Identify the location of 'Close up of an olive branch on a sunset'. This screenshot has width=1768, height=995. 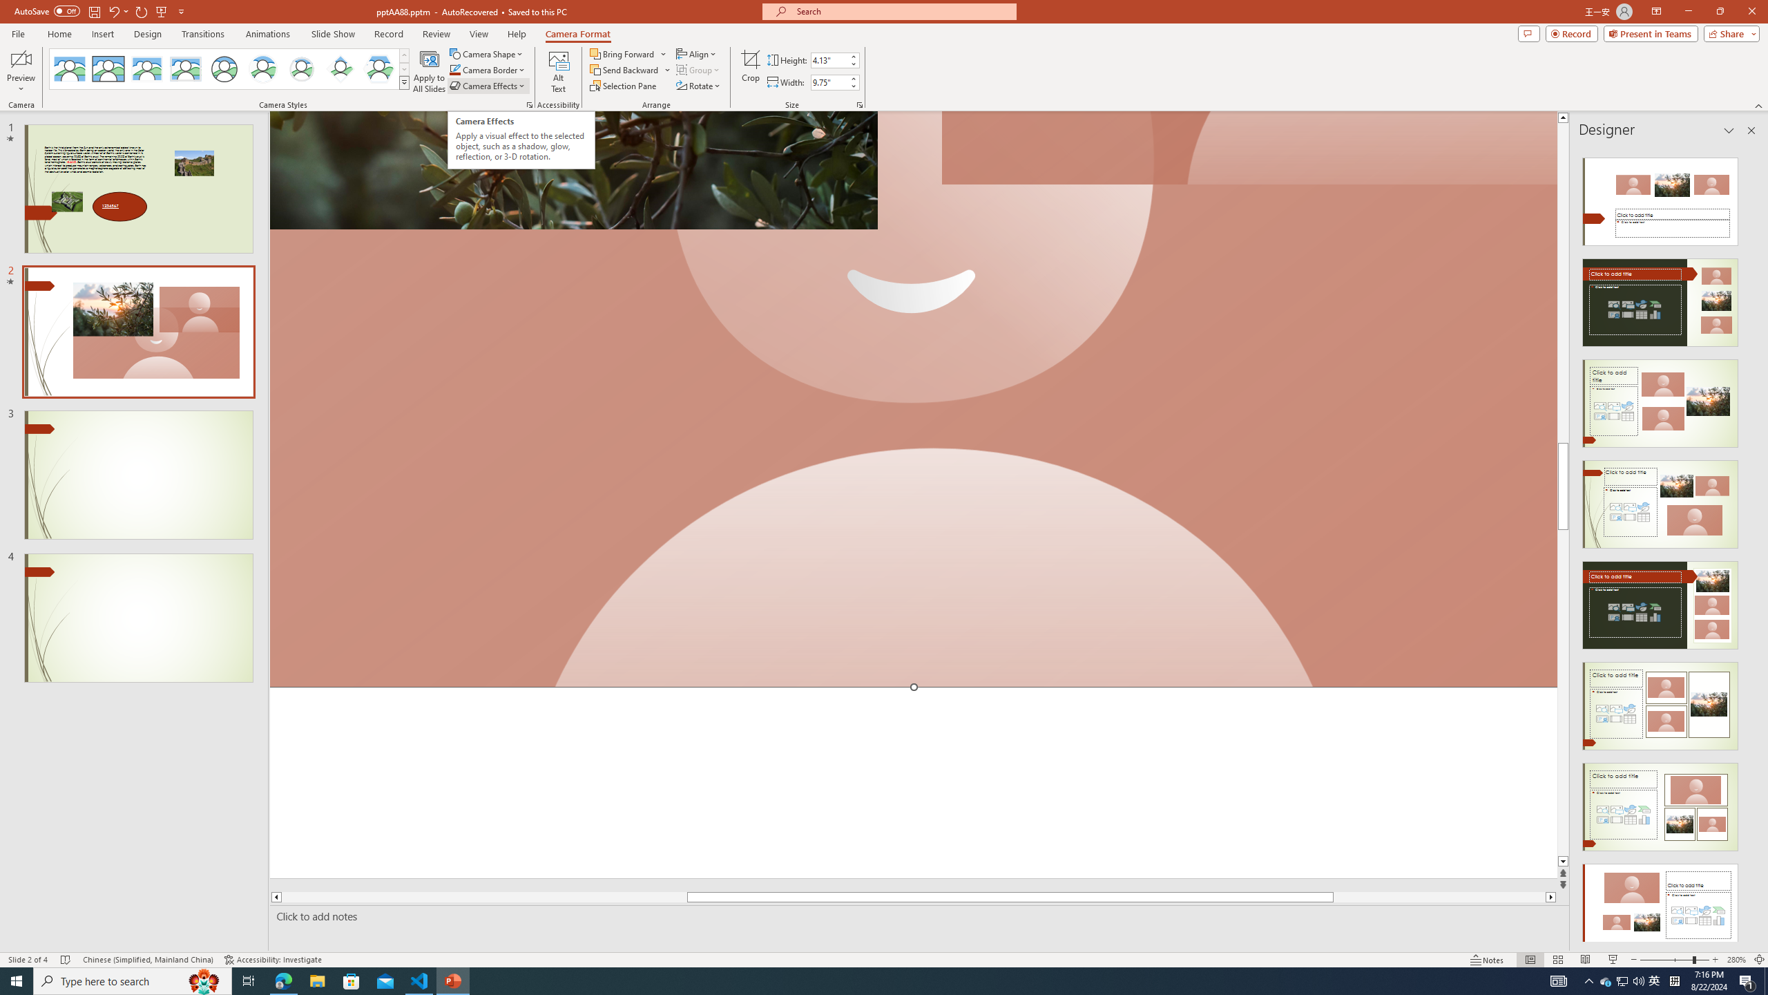
(573, 169).